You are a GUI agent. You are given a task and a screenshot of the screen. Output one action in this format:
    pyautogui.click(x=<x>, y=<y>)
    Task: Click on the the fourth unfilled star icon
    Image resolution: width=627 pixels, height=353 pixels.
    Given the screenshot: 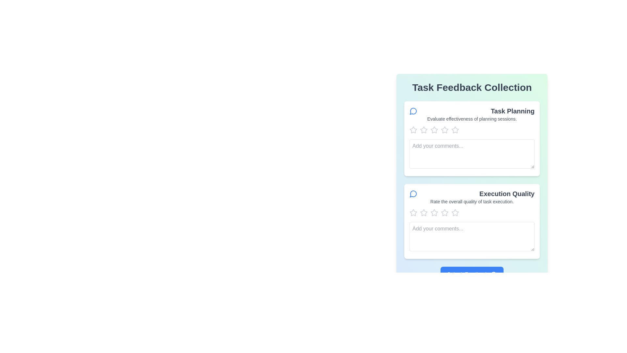 What is the action you would take?
    pyautogui.click(x=434, y=130)
    